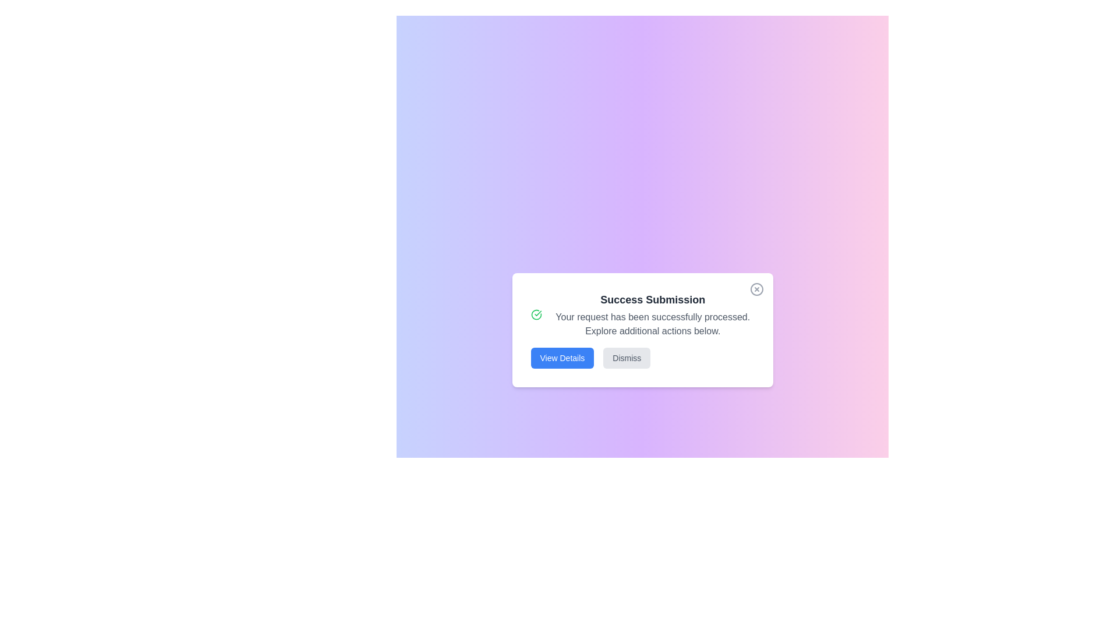  I want to click on the success confirmation icon located on the left side of the dialog box, adjacent to the text 'Success Submission', so click(536, 314).